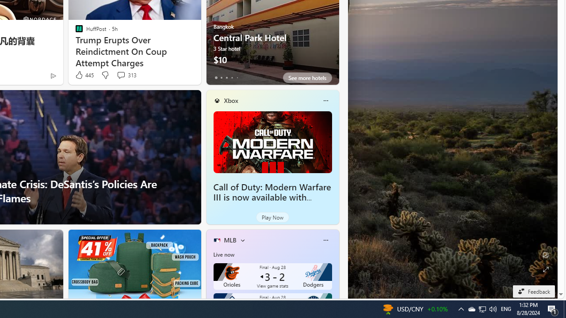  What do you see at coordinates (325, 240) in the screenshot?
I see `'Class: icon-img'` at bounding box center [325, 240].